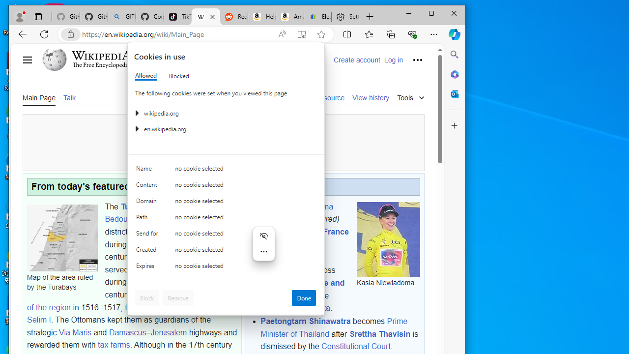 The width and height of the screenshot is (629, 354). What do you see at coordinates (148, 268) in the screenshot?
I see `'Expires'` at bounding box center [148, 268].